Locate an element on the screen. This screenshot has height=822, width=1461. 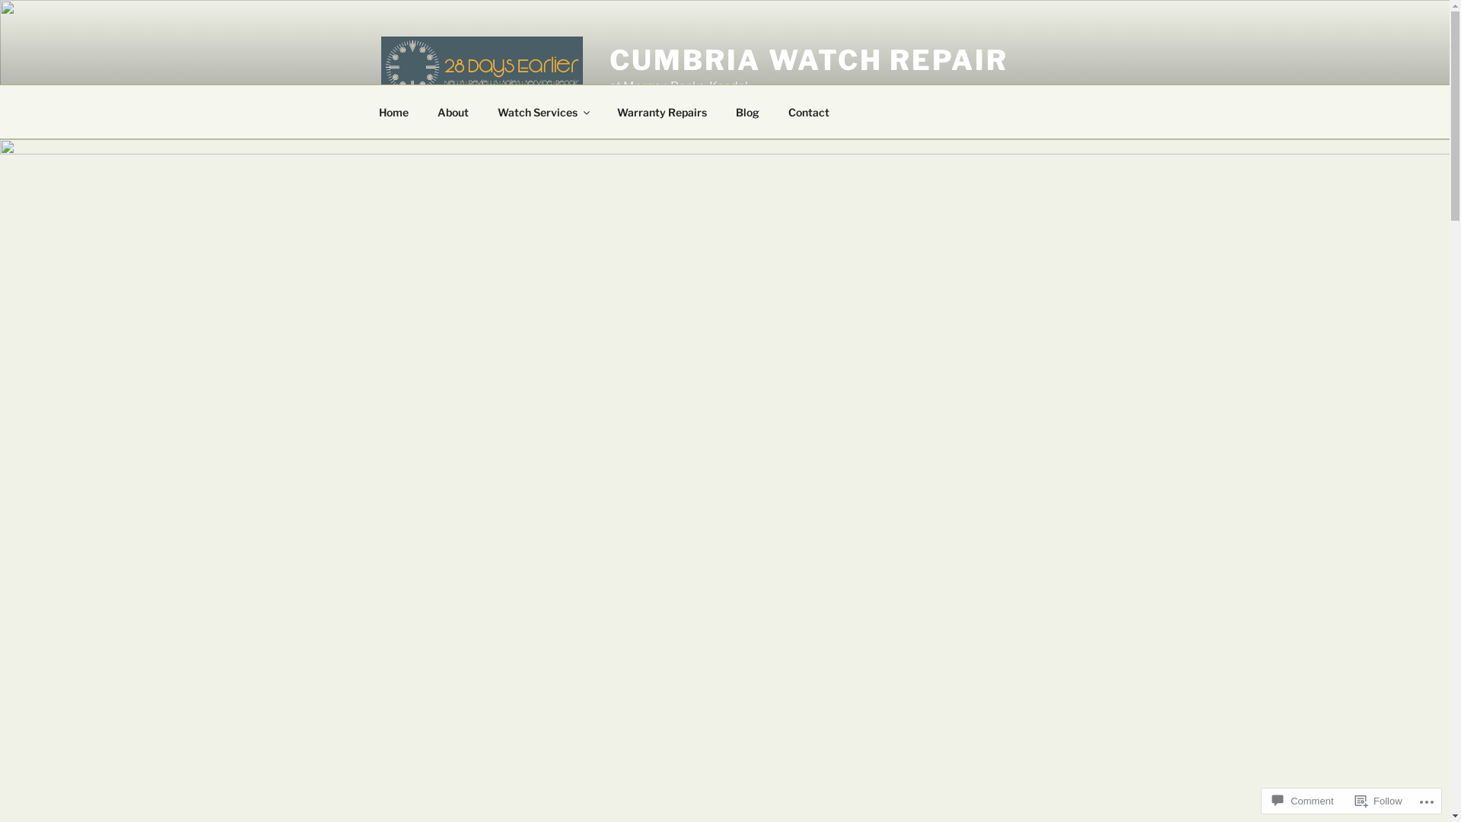
'Comment' is located at coordinates (1302, 800).